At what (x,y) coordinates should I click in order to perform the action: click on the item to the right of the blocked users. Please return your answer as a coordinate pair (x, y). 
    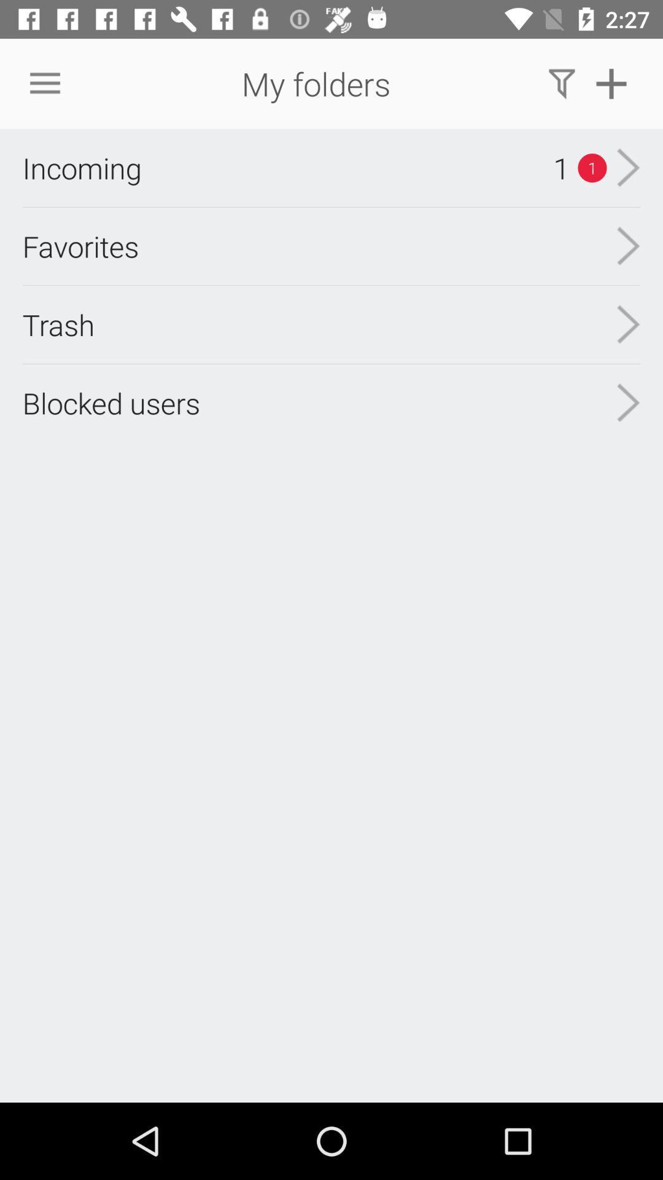
    Looking at the image, I should click on (628, 324).